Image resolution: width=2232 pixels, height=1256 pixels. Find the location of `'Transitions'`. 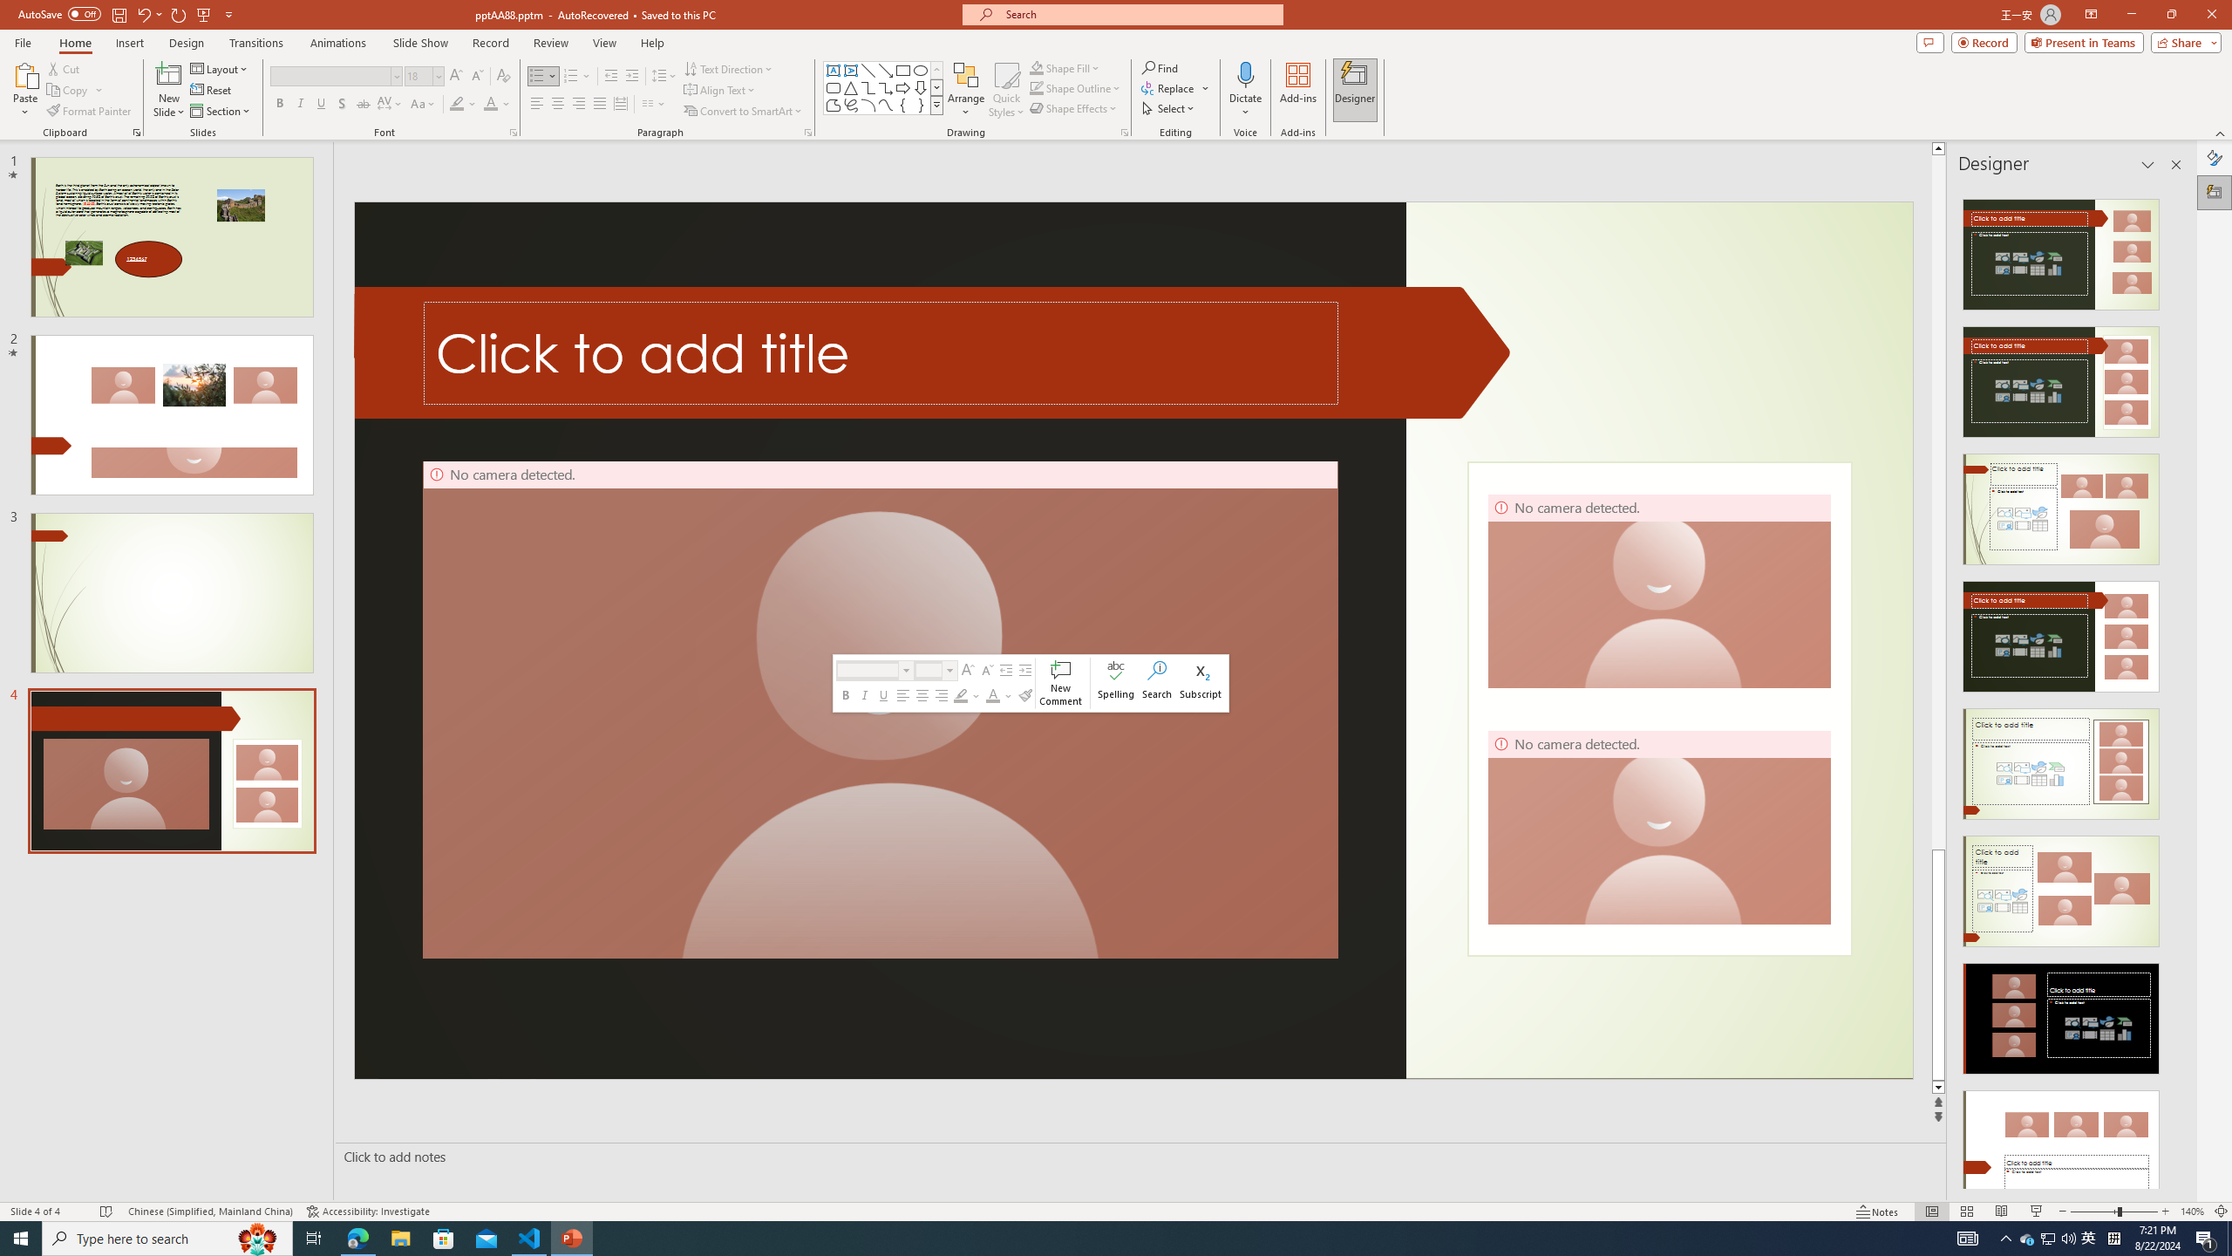

'Transitions' is located at coordinates (255, 43).